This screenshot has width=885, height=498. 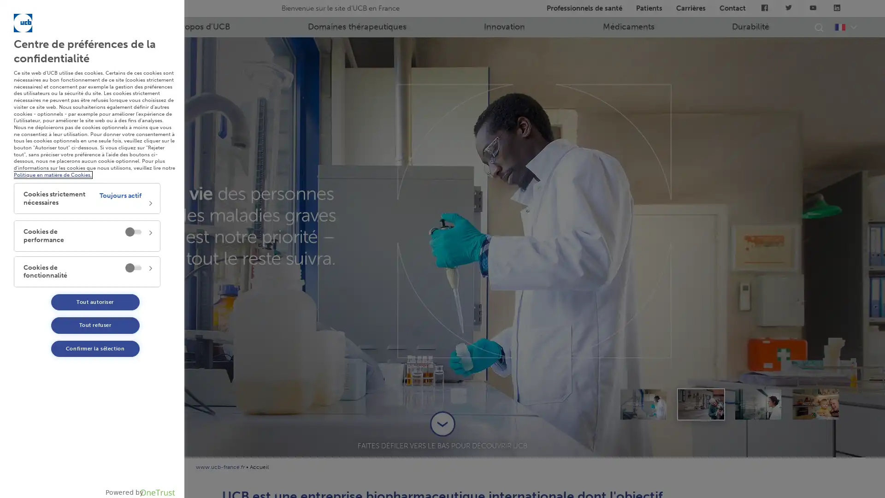 What do you see at coordinates (701, 403) in the screenshot?
I see `Patient UCB` at bounding box center [701, 403].